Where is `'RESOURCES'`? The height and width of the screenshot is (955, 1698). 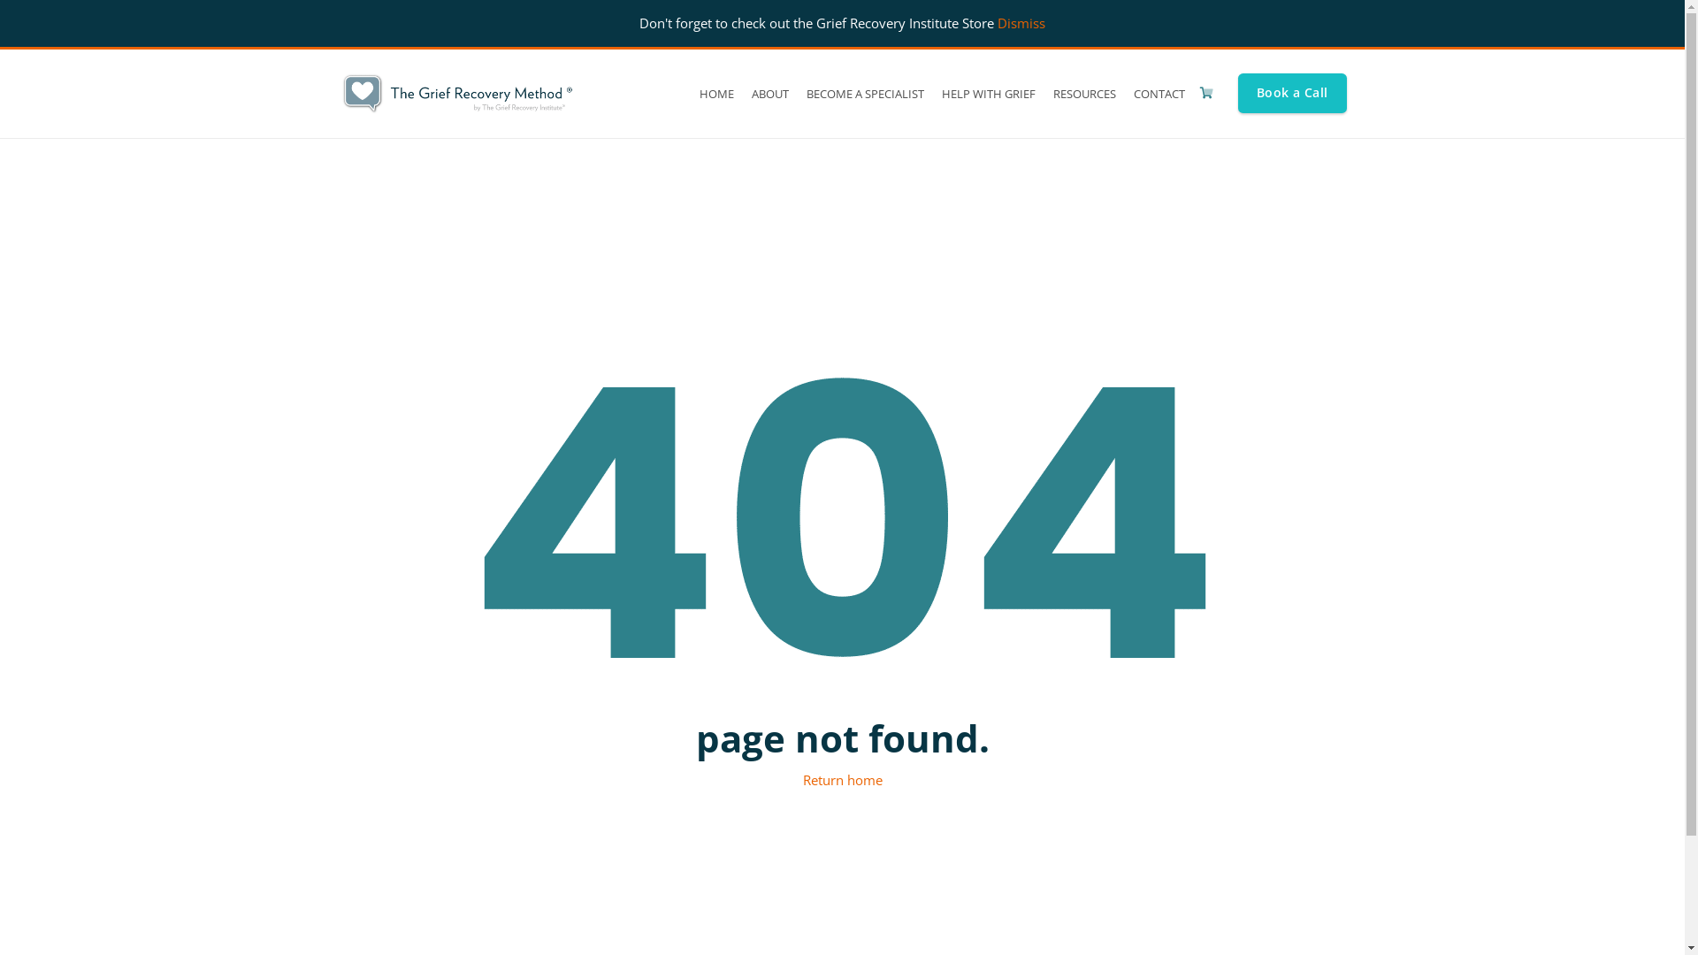
'RESOURCES' is located at coordinates (1083, 93).